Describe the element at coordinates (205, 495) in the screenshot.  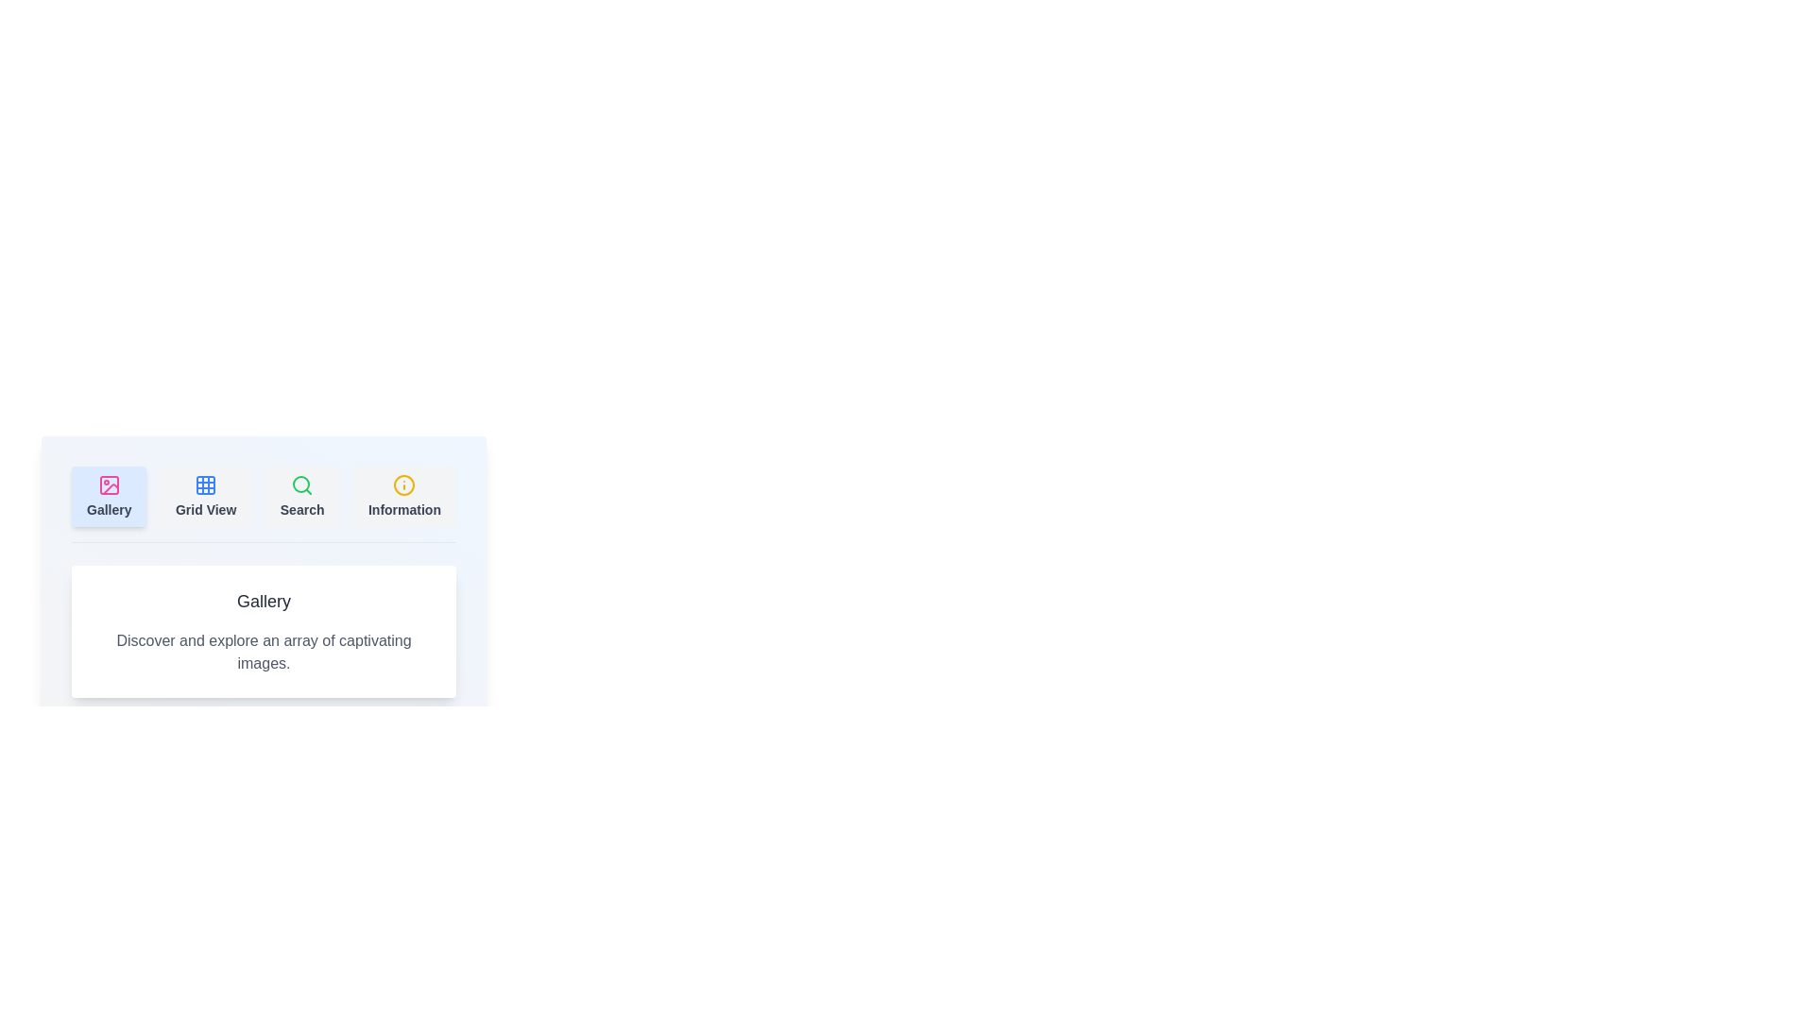
I see `the tab button labeled 'Grid View' to observe the hover effect` at that location.